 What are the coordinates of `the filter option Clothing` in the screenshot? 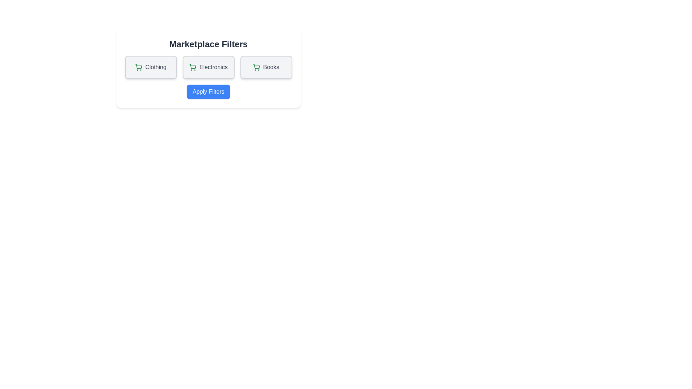 It's located at (150, 67).